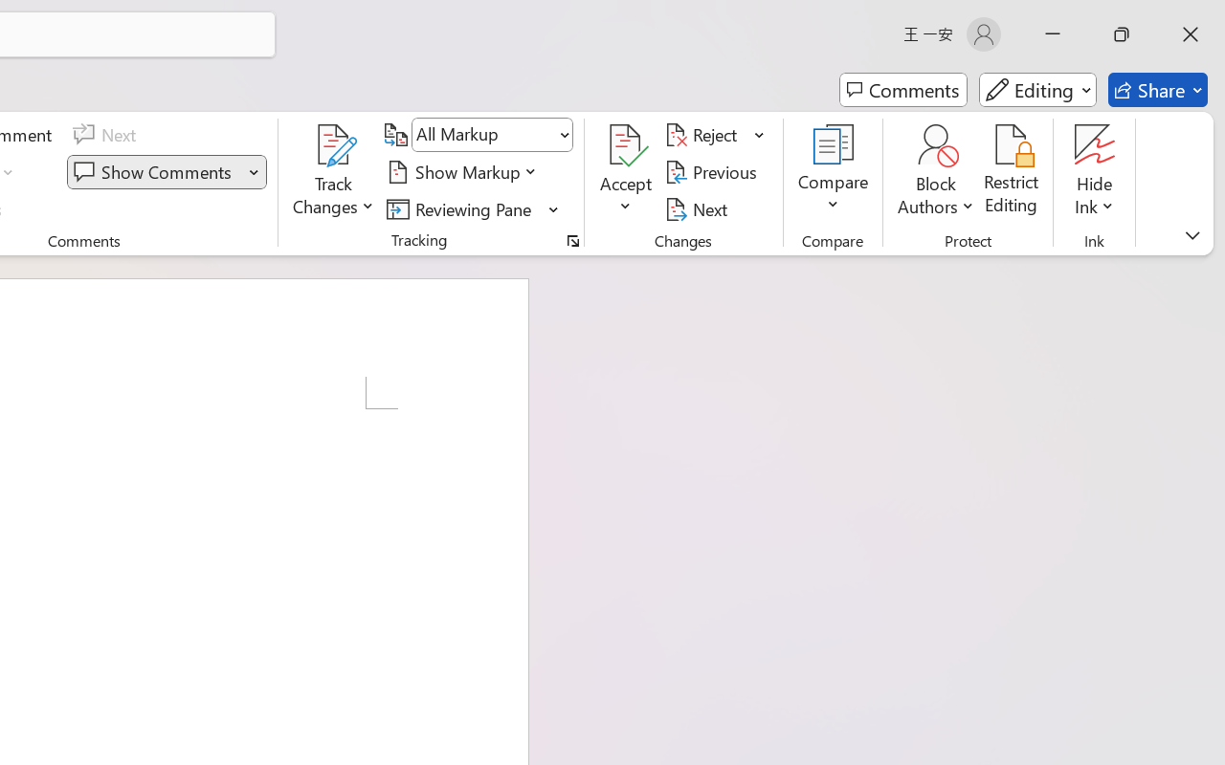  What do you see at coordinates (473, 208) in the screenshot?
I see `'Reviewing Pane'` at bounding box center [473, 208].